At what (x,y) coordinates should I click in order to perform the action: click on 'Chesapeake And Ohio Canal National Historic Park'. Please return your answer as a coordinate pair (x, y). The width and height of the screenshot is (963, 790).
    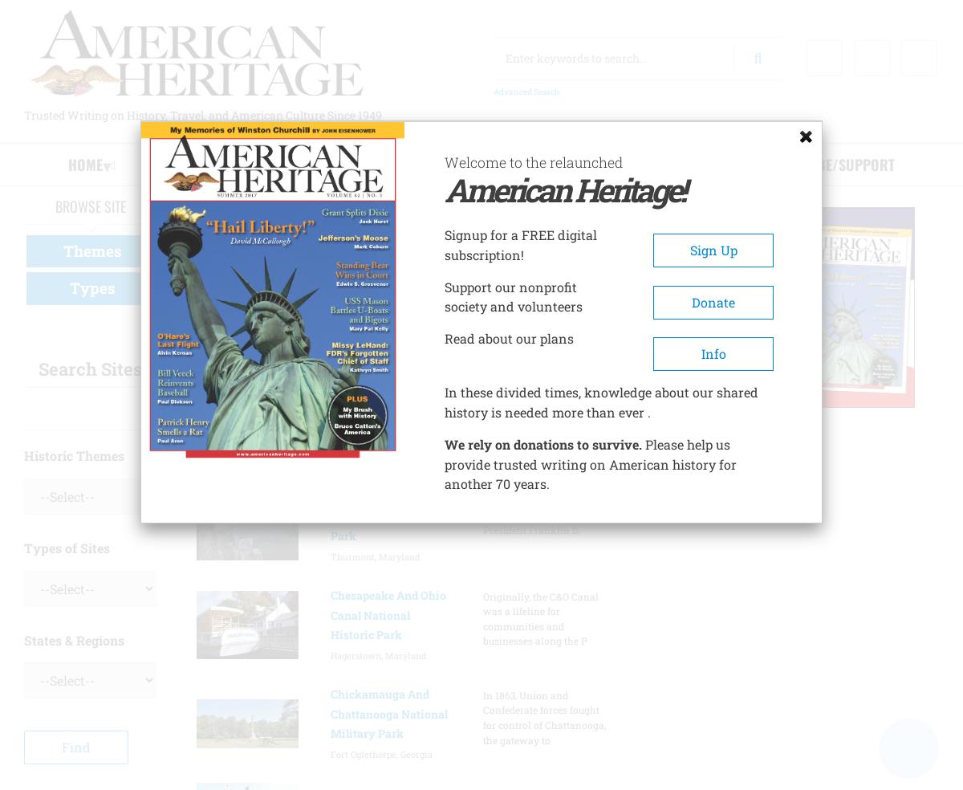
    Looking at the image, I should click on (330, 613).